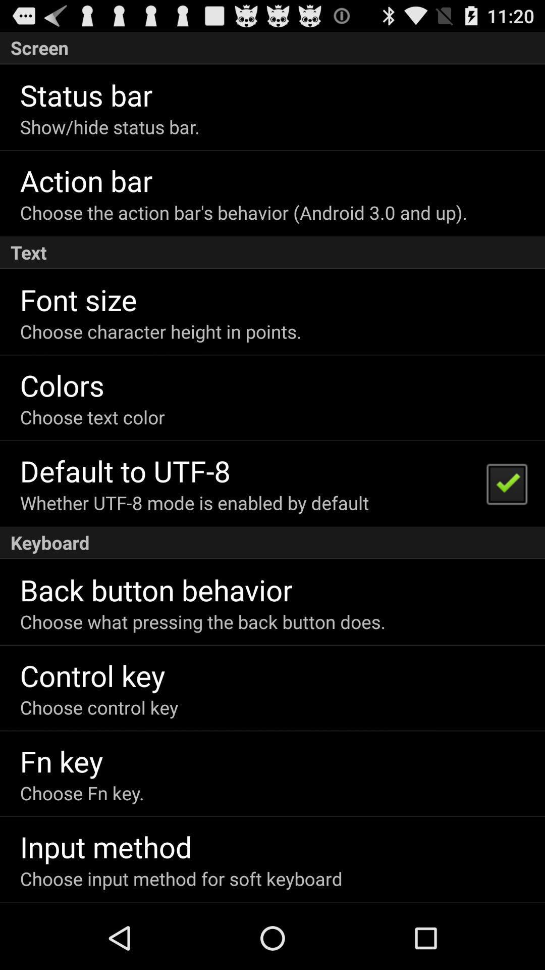 This screenshot has height=970, width=545. I want to click on item below colors app, so click(92, 417).